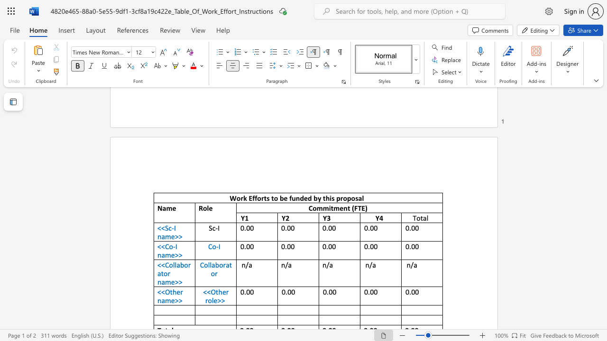 This screenshot has height=341, width=607. Describe the element at coordinates (157, 254) in the screenshot. I see `the subset text "name" within the text "<<Co-I name>>"` at that location.